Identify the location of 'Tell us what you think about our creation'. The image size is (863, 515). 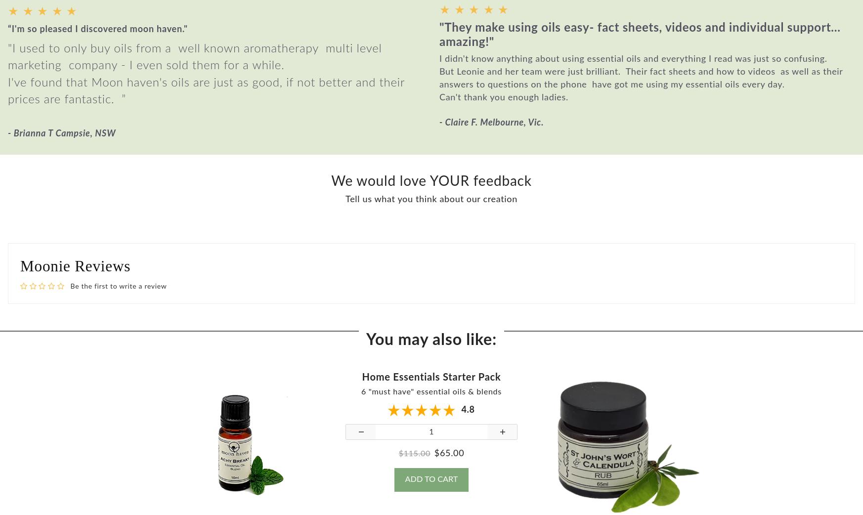
(431, 206).